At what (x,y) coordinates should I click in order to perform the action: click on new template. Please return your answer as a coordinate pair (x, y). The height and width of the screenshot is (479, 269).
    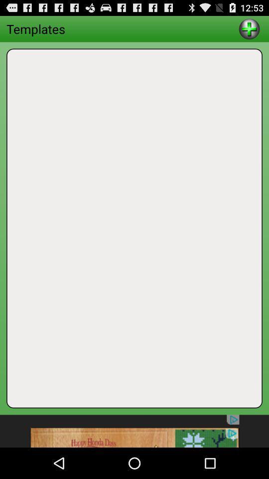
    Looking at the image, I should click on (249, 28).